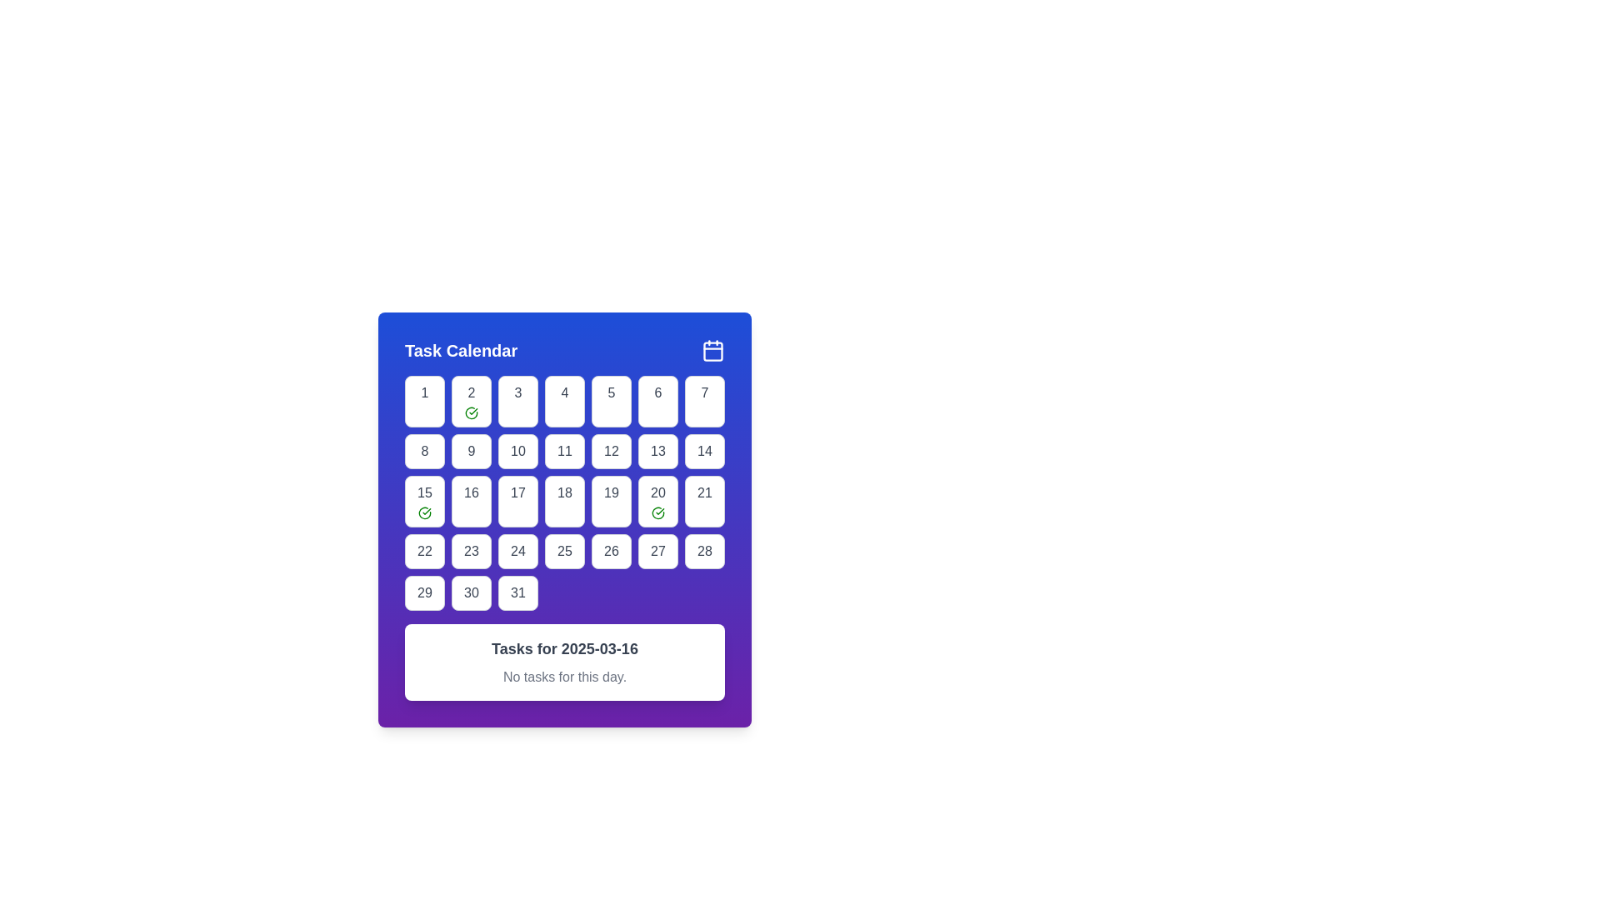 This screenshot has width=1600, height=900. I want to click on the text '17' within the calendar grid cell, so click(517, 492).